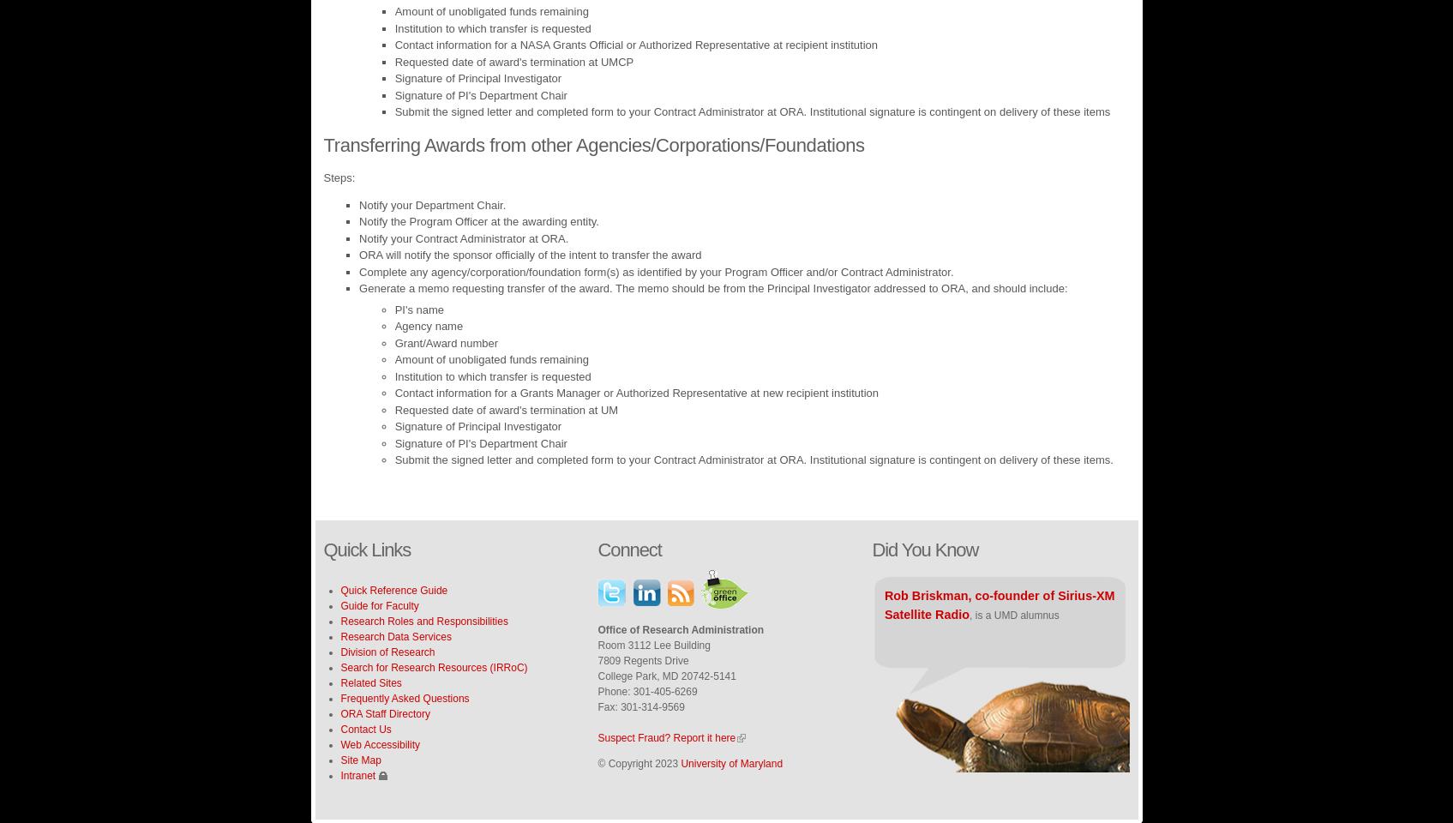 Image resolution: width=1453 pixels, height=823 pixels. What do you see at coordinates (380, 743) in the screenshot?
I see `'Web Accessibility'` at bounding box center [380, 743].